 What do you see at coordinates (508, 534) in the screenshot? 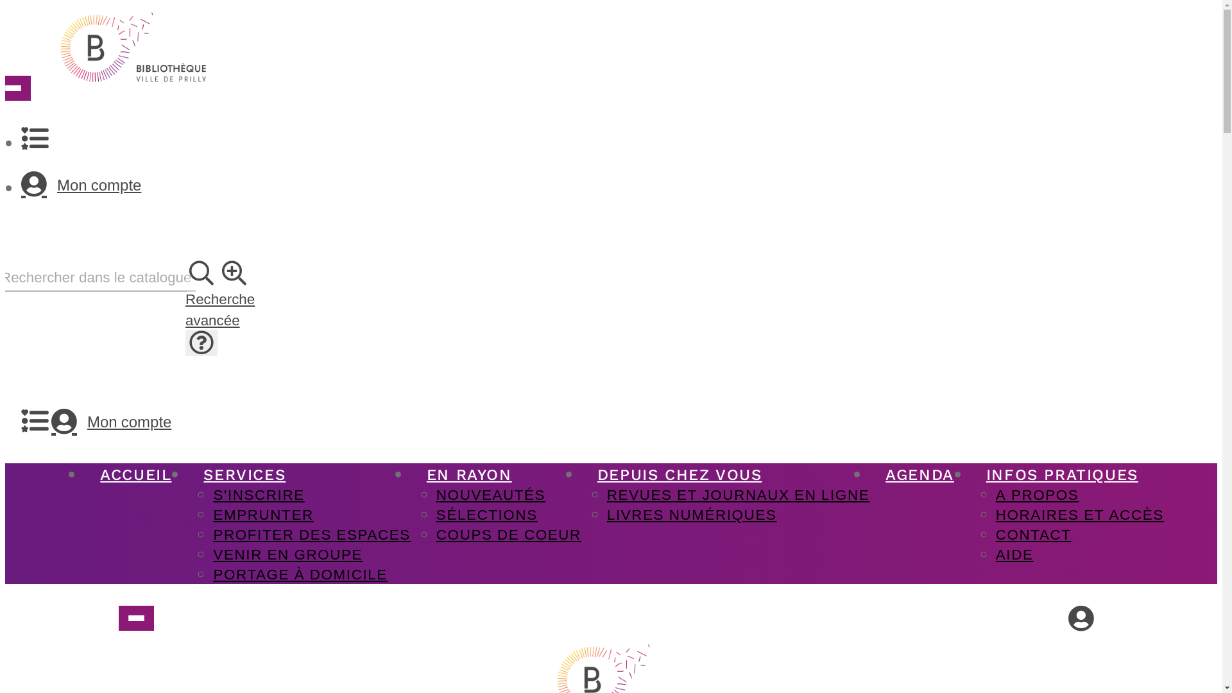
I see `'COUPS DE COEUR'` at bounding box center [508, 534].